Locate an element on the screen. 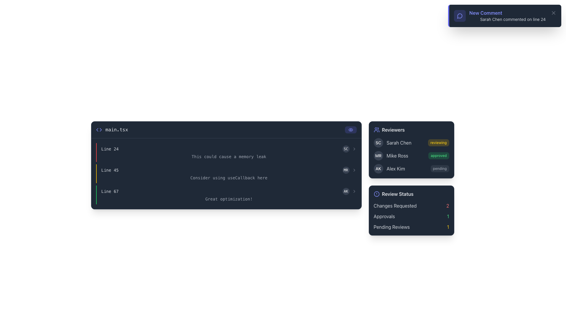 This screenshot has height=318, width=566. the text element displaying 'This could cause a memory leak' located below 'Line 24' in the code review interface is located at coordinates (228, 156).